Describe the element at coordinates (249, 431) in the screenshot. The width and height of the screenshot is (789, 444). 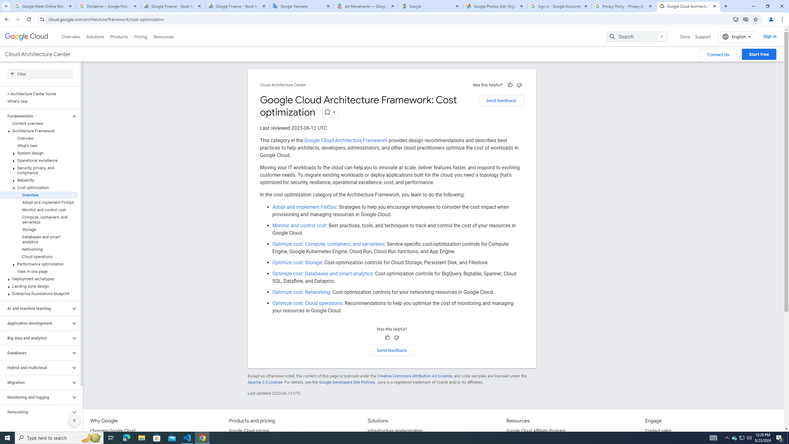
I see `'Google Cloud pricing'` at that location.